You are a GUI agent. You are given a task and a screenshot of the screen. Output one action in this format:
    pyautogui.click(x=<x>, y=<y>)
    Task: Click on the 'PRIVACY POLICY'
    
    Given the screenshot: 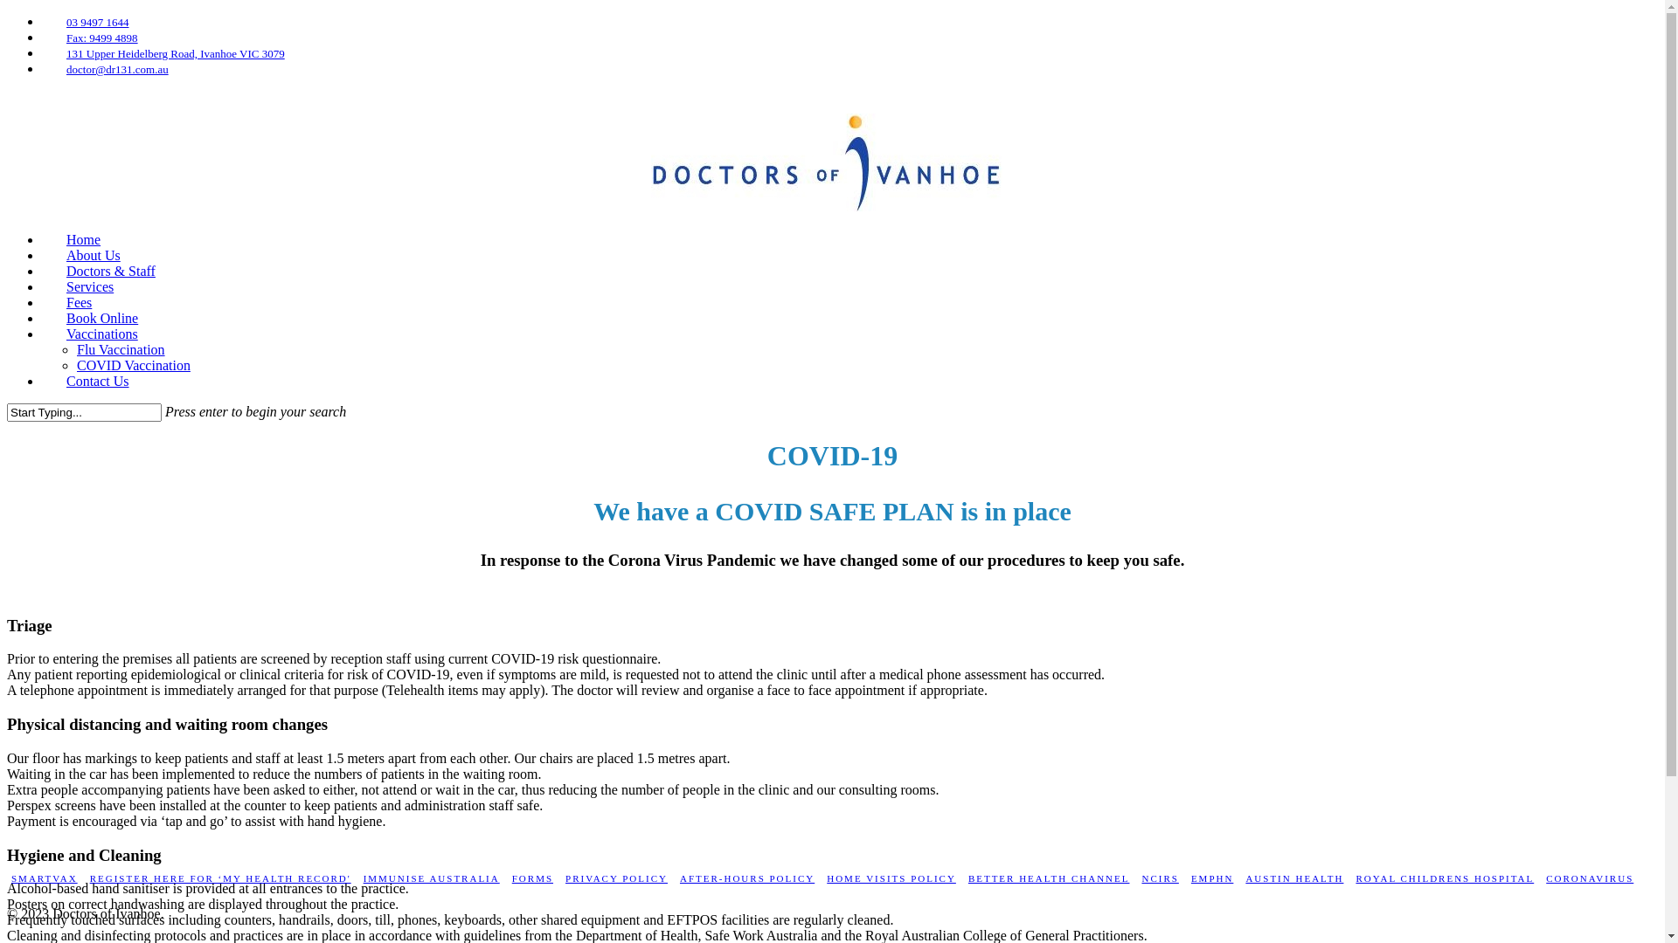 What is the action you would take?
    pyautogui.click(x=561, y=878)
    